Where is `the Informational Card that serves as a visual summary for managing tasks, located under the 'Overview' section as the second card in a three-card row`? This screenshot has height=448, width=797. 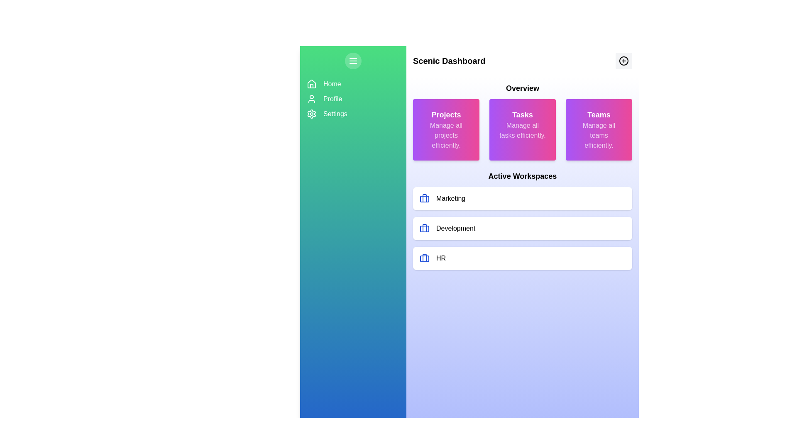 the Informational Card that serves as a visual summary for managing tasks, located under the 'Overview' section as the second card in a three-card row is located at coordinates (522, 129).